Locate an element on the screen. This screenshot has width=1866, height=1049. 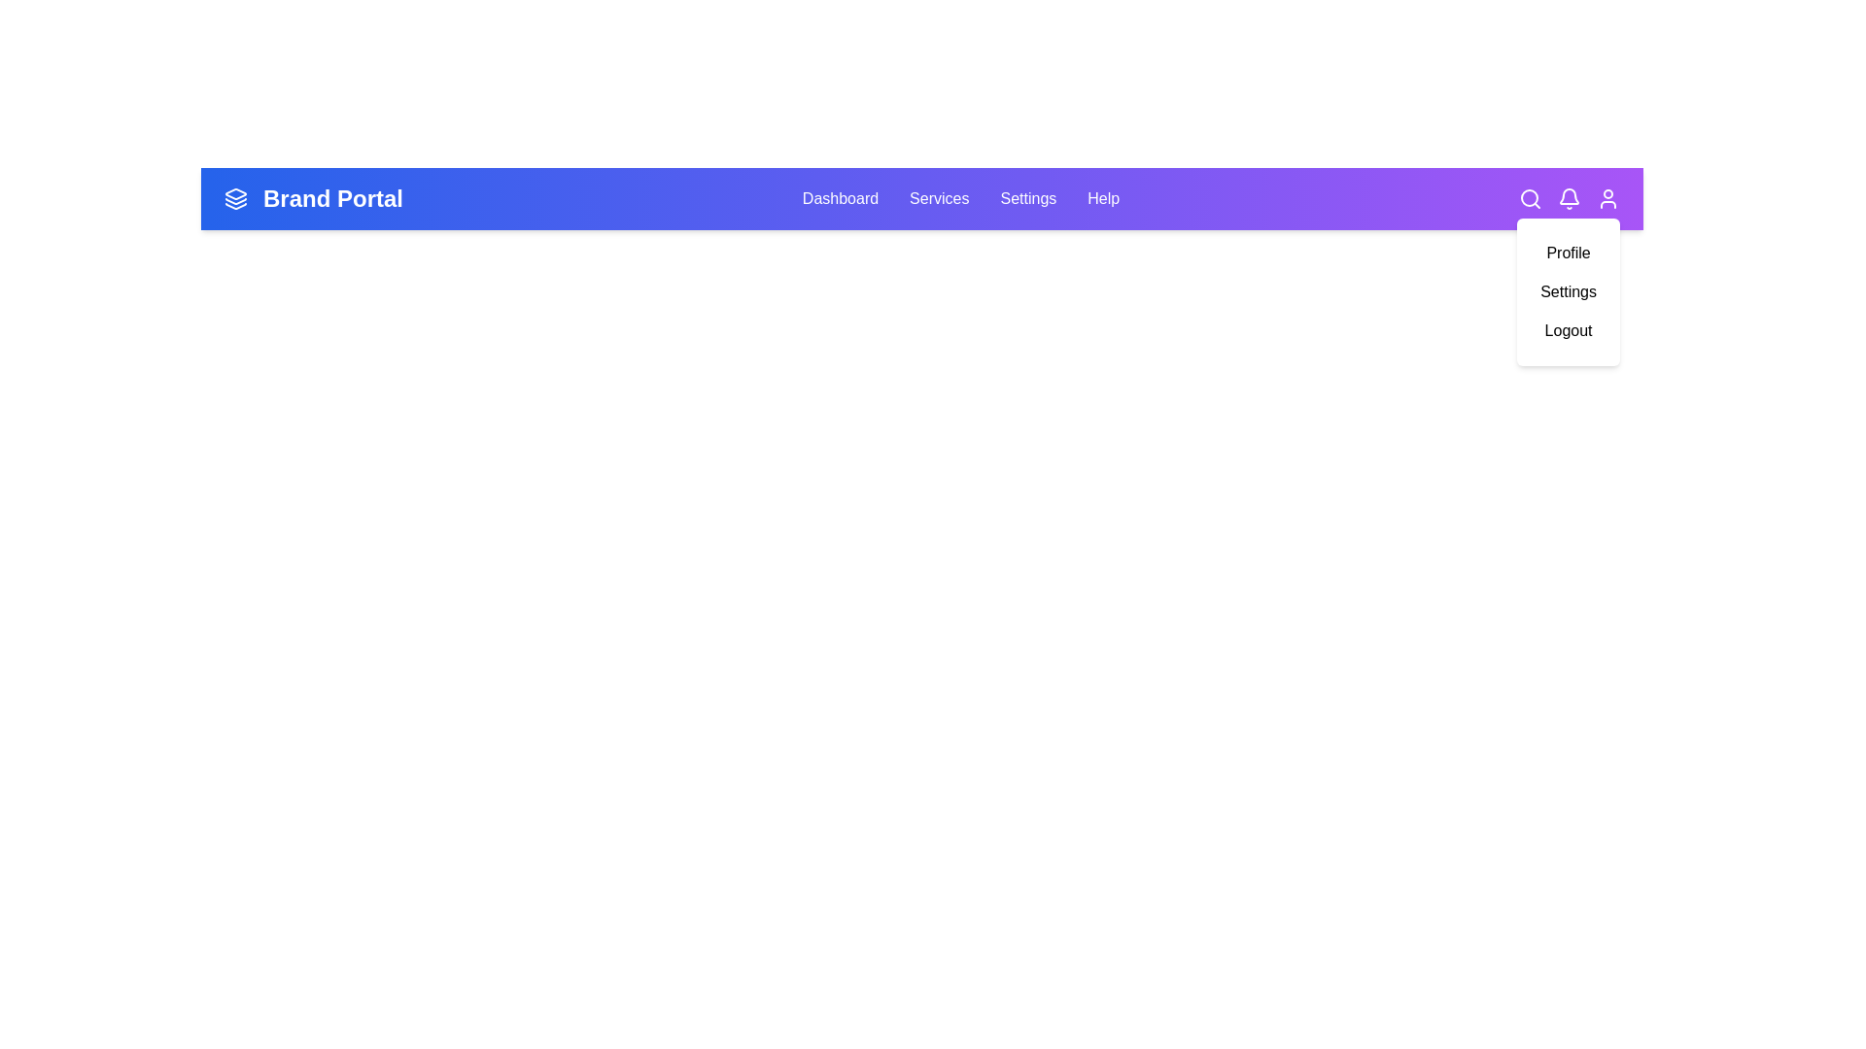
the notification center icon located at the top-right section of the interface is located at coordinates (1569, 198).